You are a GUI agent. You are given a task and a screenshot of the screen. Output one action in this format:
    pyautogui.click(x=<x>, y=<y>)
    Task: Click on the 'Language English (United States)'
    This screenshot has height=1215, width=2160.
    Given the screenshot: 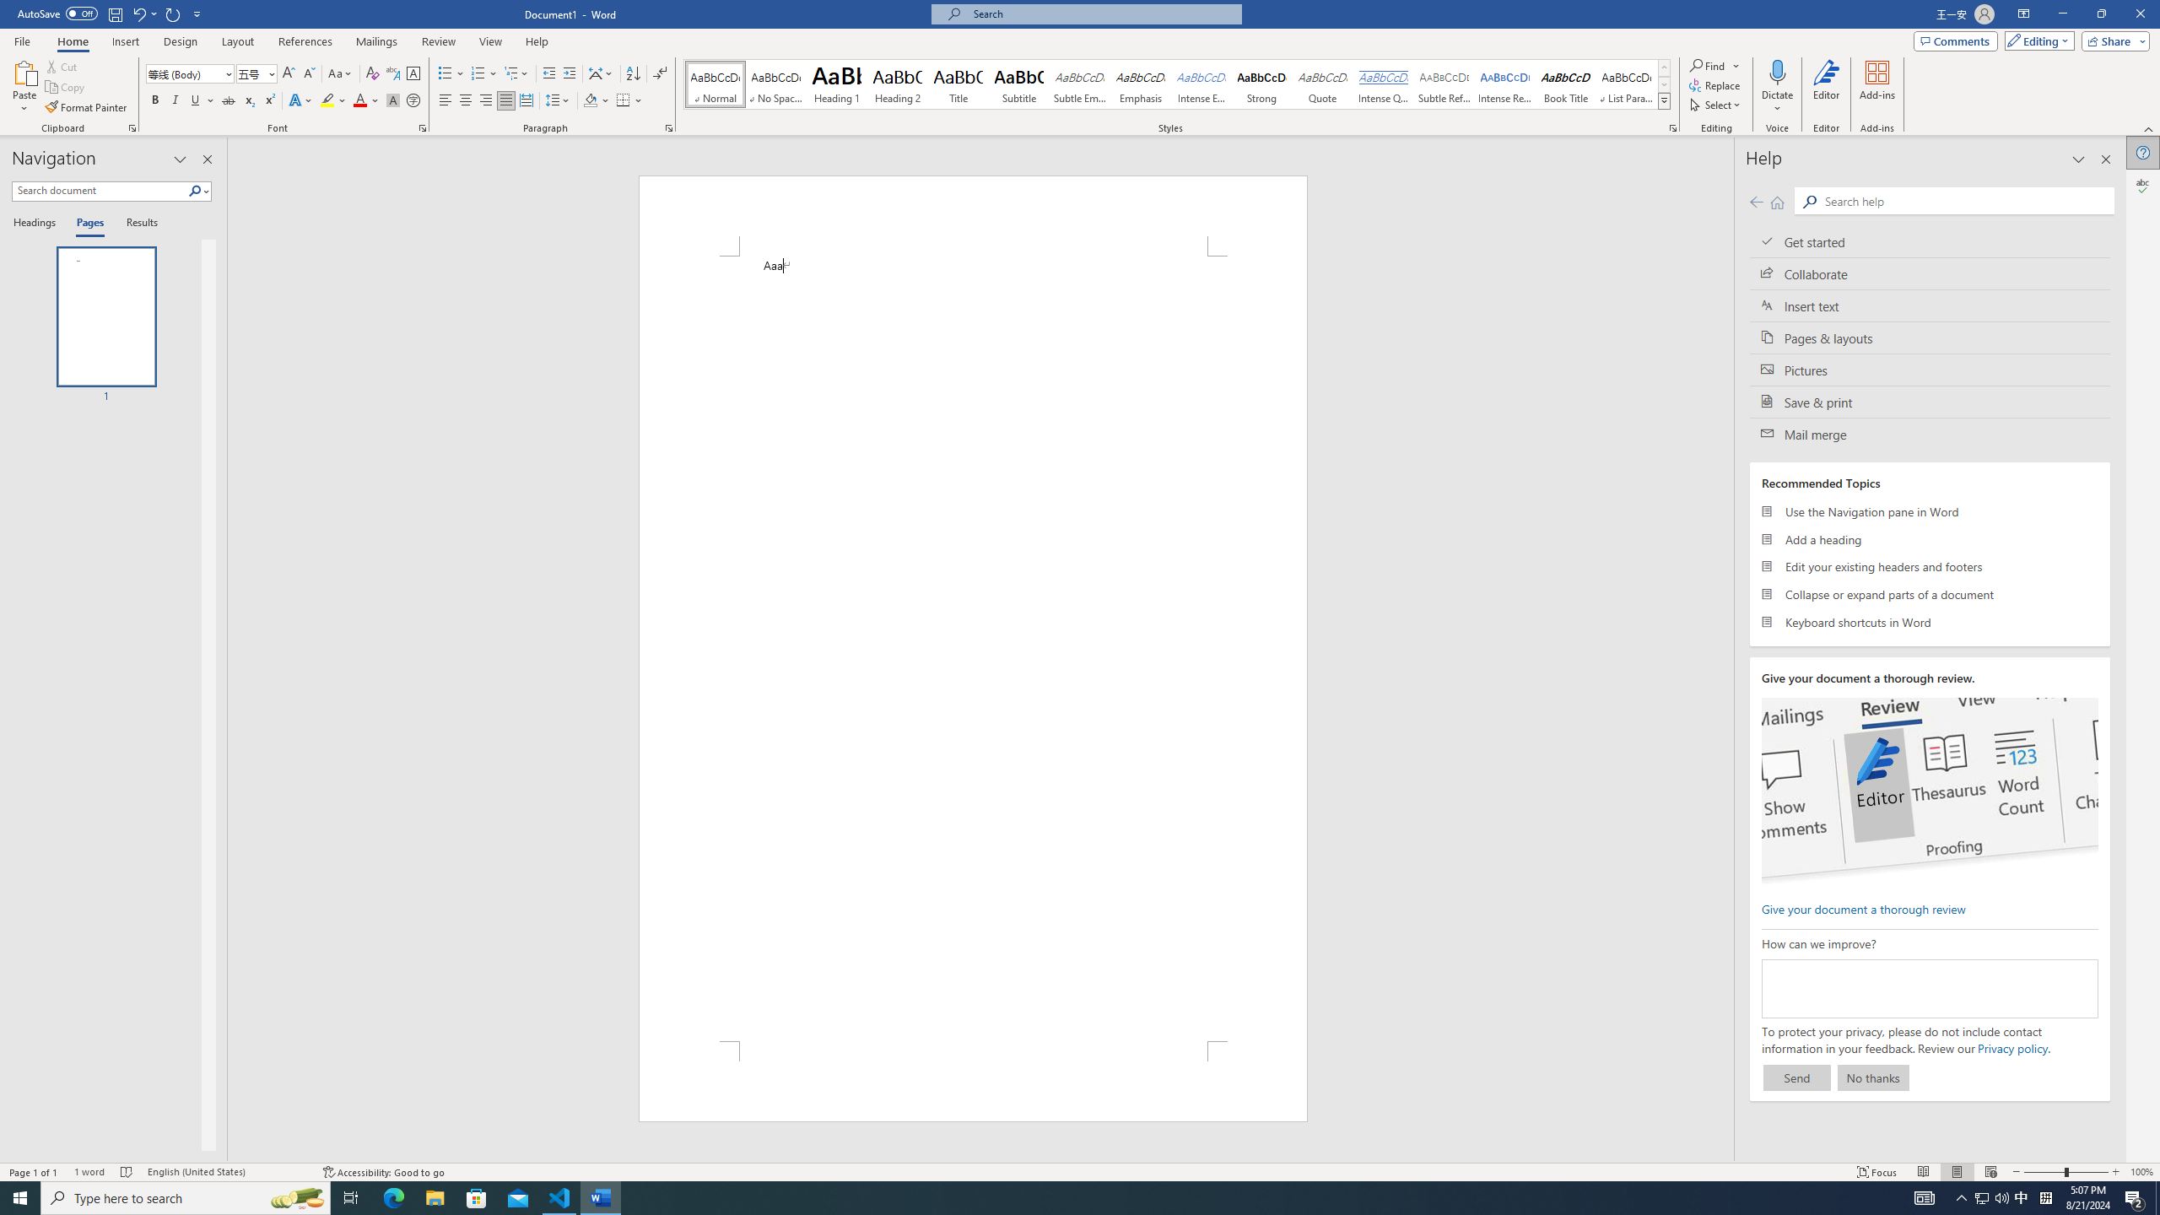 What is the action you would take?
    pyautogui.click(x=226, y=1172)
    